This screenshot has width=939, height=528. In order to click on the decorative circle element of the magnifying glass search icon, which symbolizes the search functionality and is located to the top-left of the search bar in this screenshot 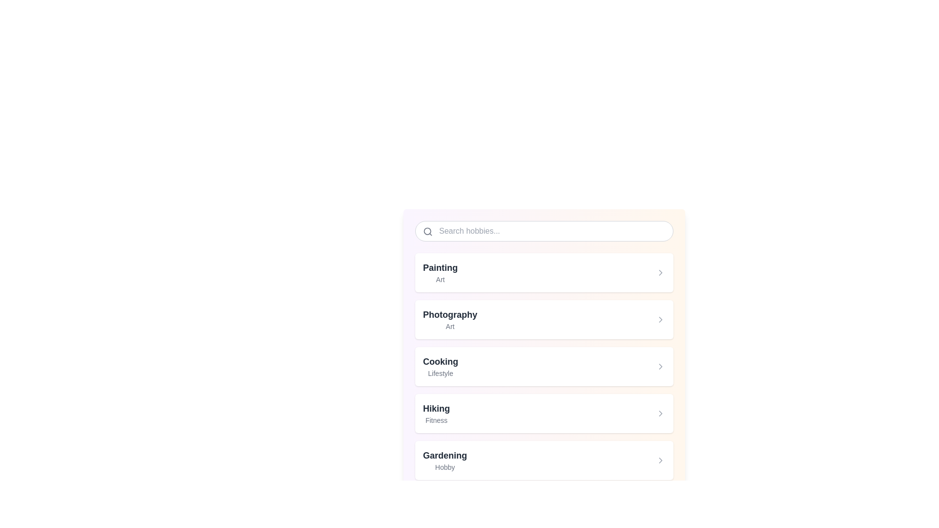, I will do `click(427, 231)`.